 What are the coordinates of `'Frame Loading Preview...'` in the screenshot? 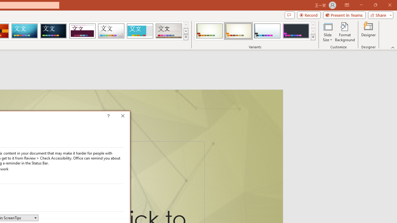 It's located at (140, 31).